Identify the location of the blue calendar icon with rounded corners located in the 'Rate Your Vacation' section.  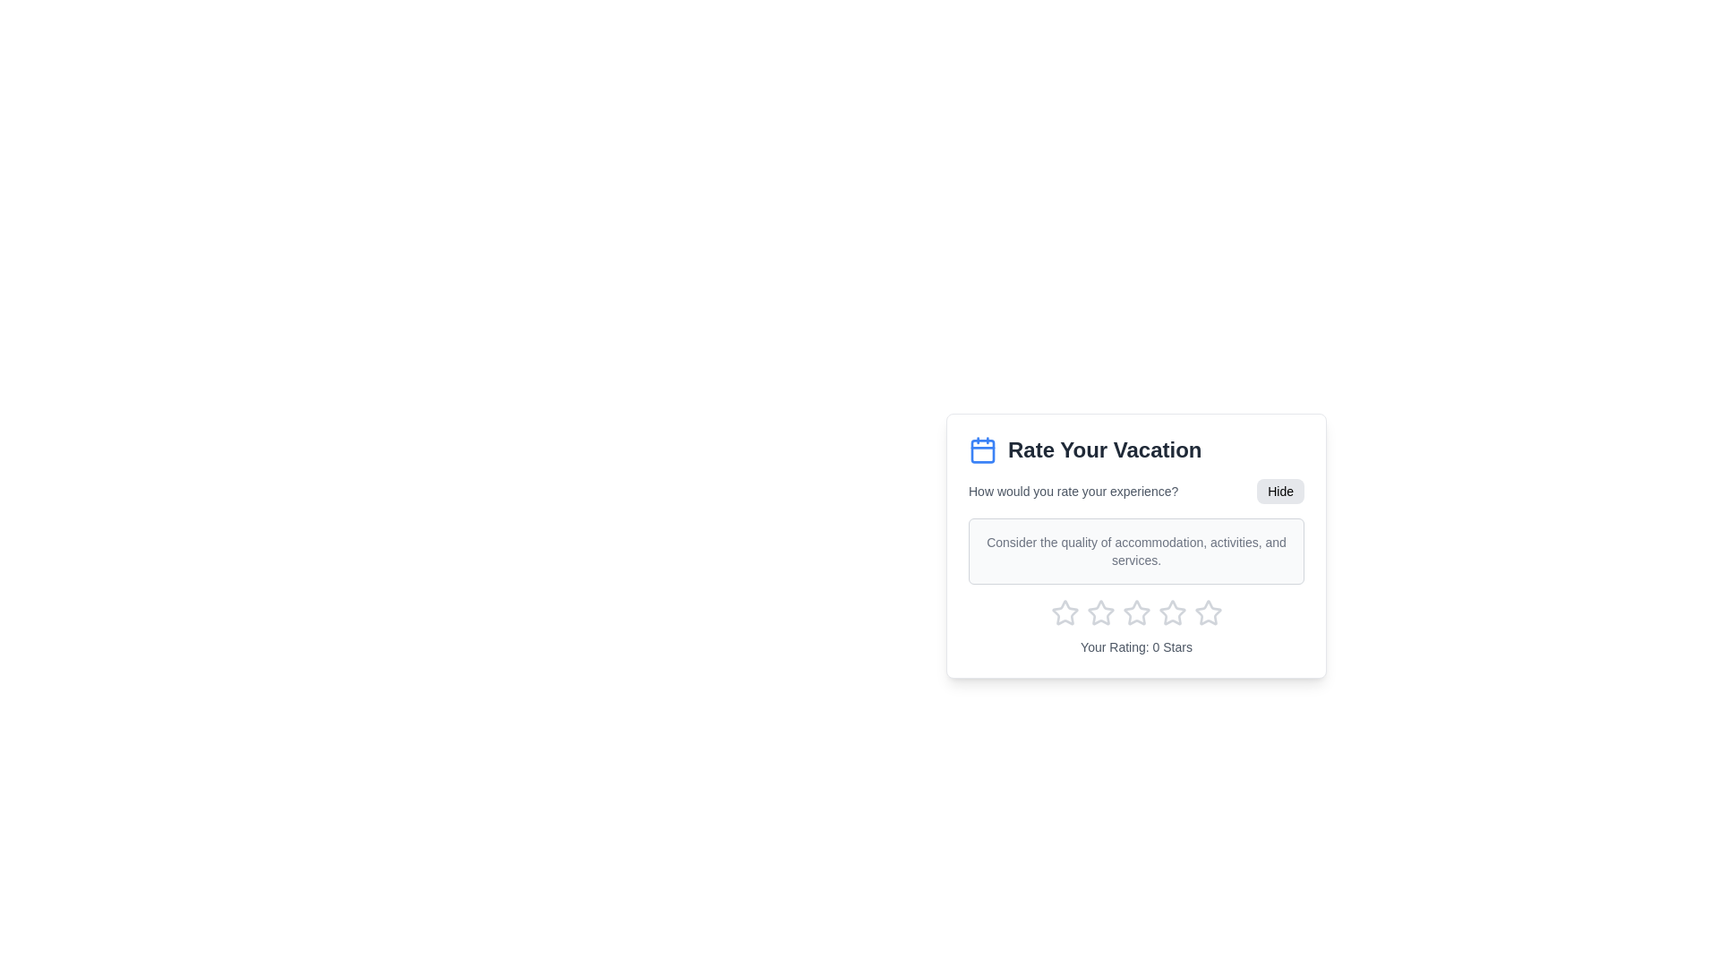
(982, 449).